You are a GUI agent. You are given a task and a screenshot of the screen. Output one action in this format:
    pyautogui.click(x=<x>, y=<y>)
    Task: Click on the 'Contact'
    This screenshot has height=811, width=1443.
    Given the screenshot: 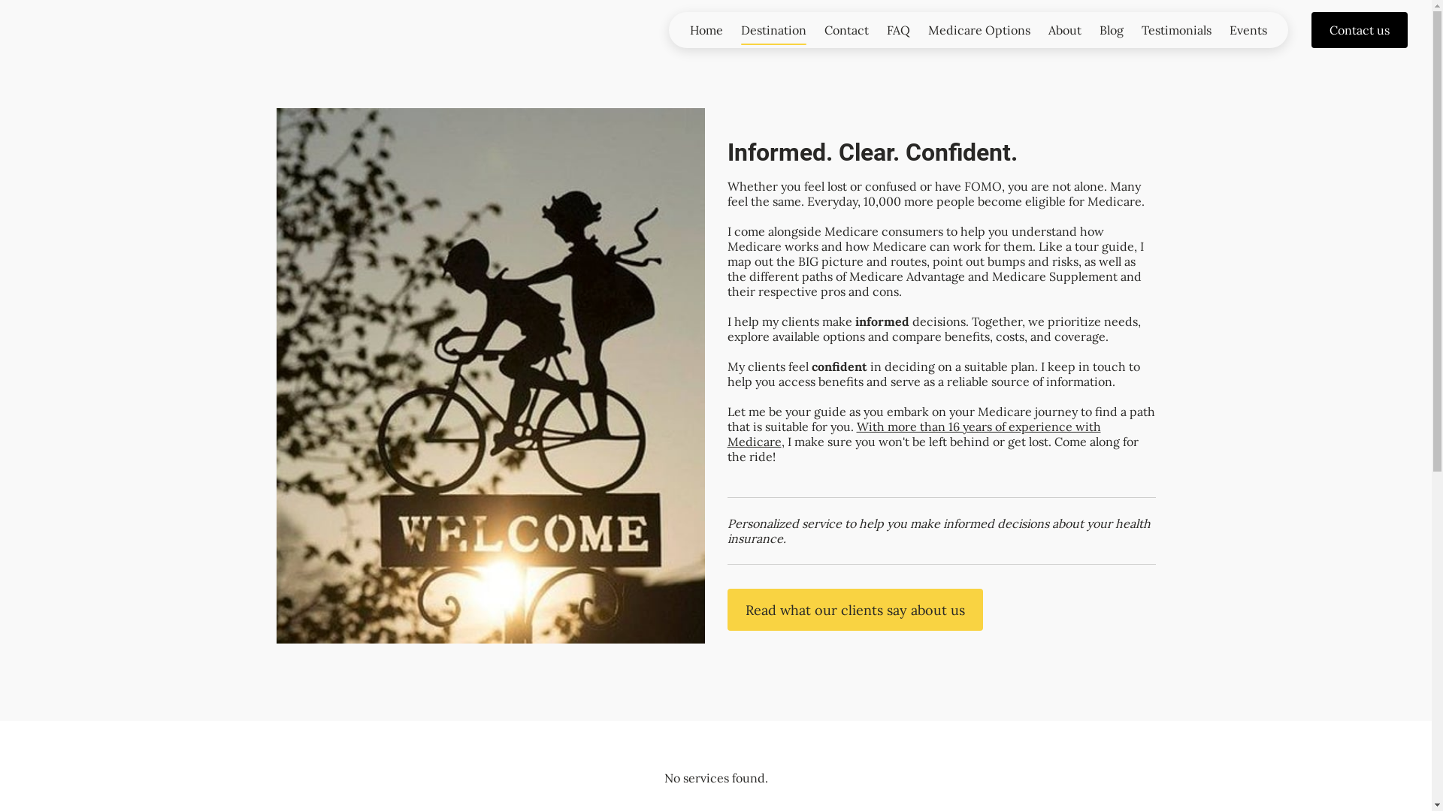 What is the action you would take?
    pyautogui.click(x=814, y=29)
    